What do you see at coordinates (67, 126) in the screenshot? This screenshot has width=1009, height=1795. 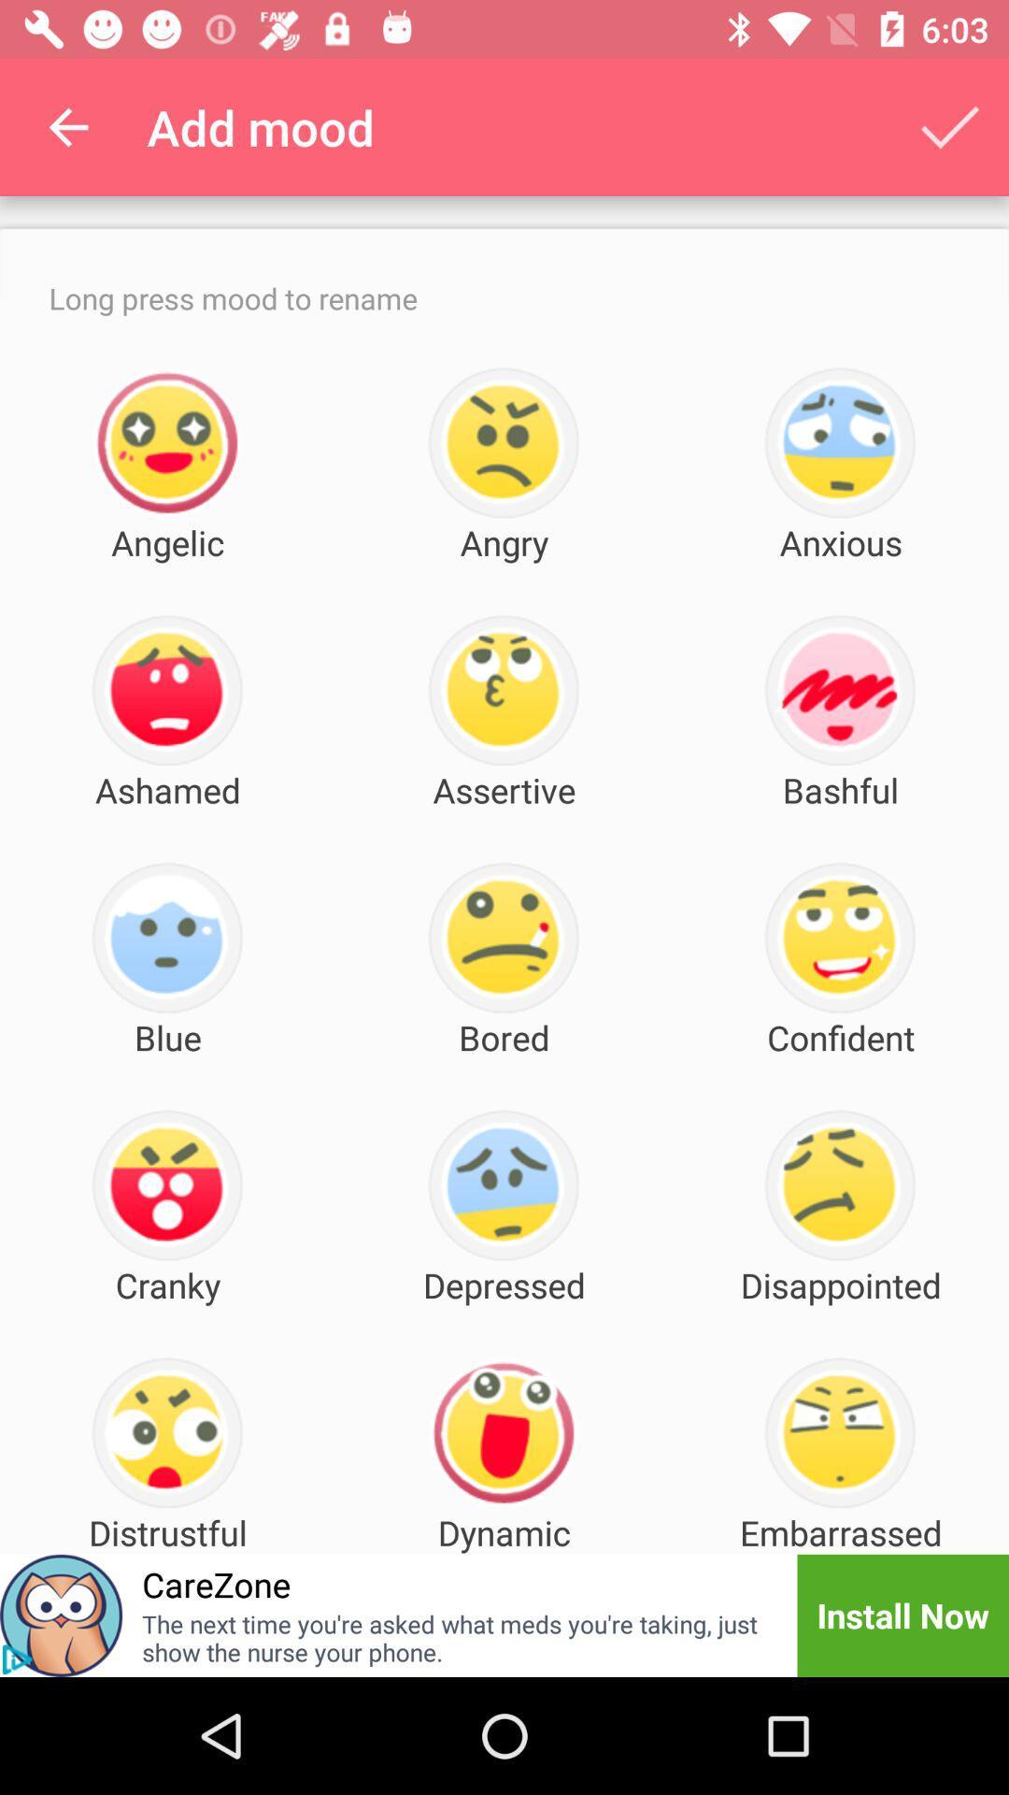 I see `the icon above the long press mood icon` at bounding box center [67, 126].